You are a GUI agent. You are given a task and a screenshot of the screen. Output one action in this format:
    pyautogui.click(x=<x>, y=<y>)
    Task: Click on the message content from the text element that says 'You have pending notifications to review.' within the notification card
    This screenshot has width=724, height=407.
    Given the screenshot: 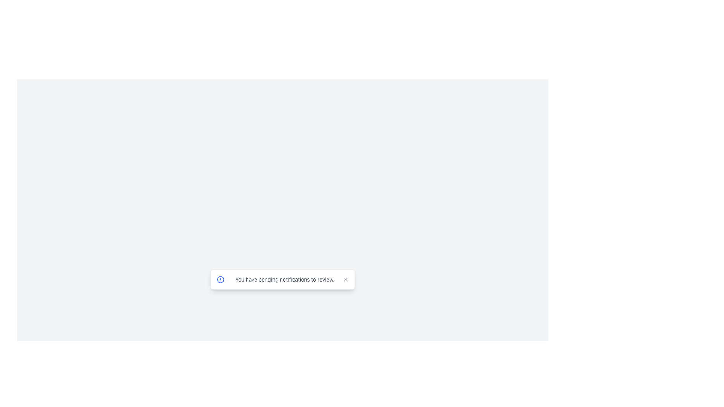 What is the action you would take?
    pyautogui.click(x=284, y=279)
    